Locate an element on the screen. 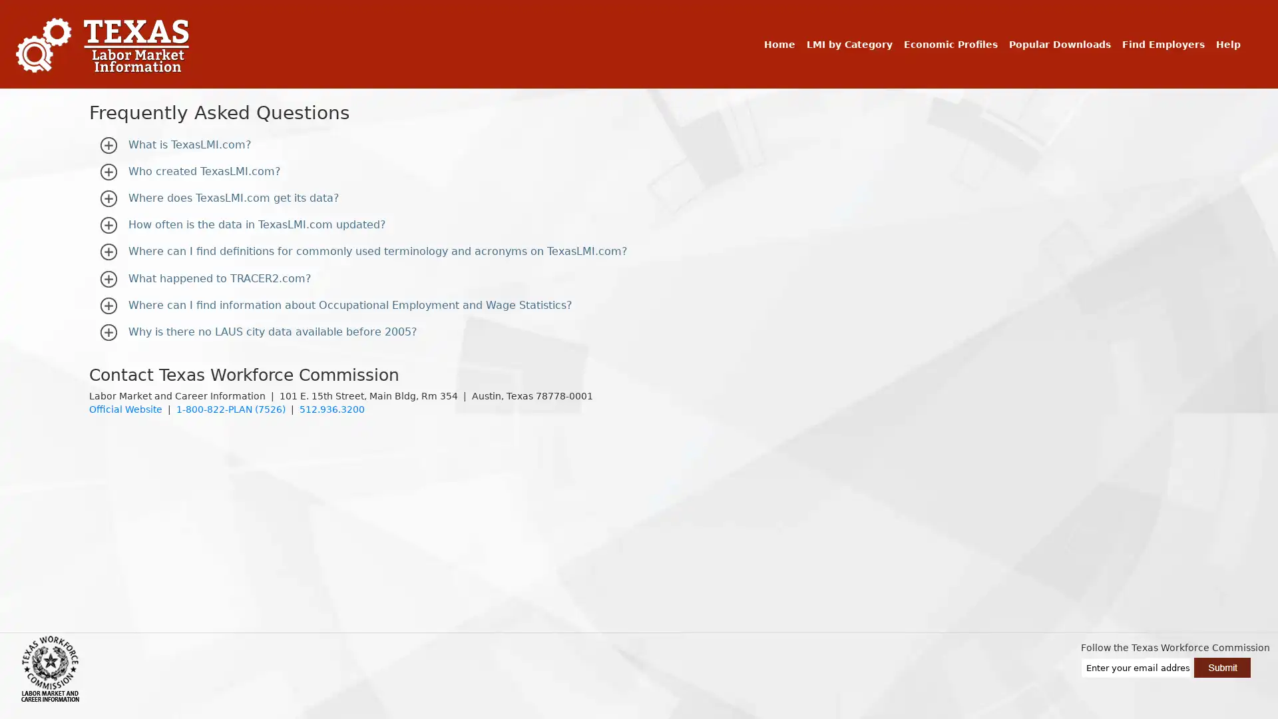 Image resolution: width=1278 pixels, height=719 pixels. What is TexasLMI.com? is located at coordinates (638, 144).